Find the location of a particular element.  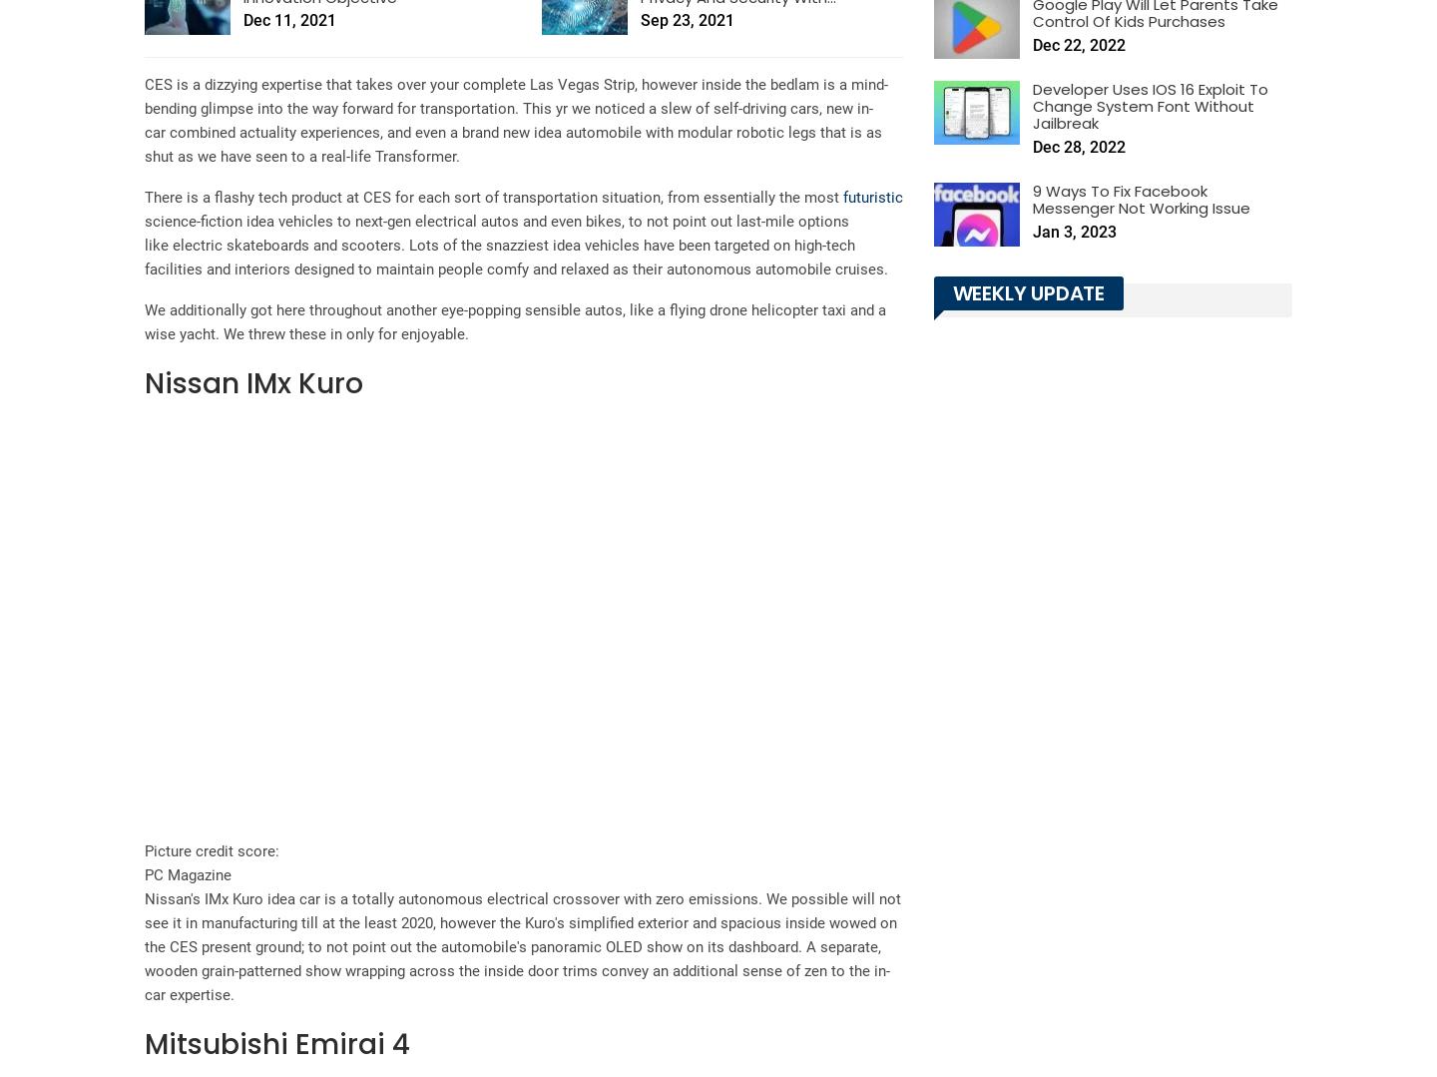

'Weekly Update' is located at coordinates (1028, 292).